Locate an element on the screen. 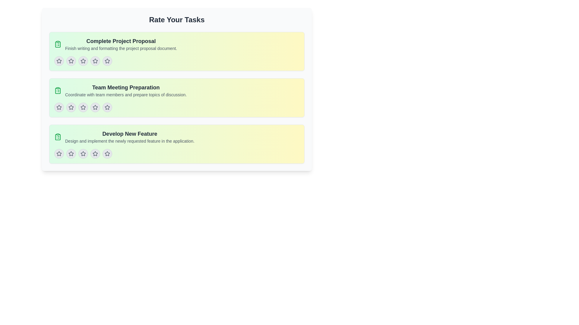 The width and height of the screenshot is (579, 325). clipboard icon located adjacent to the task description for 'Develop New Feature' in the third task box is located at coordinates (58, 137).